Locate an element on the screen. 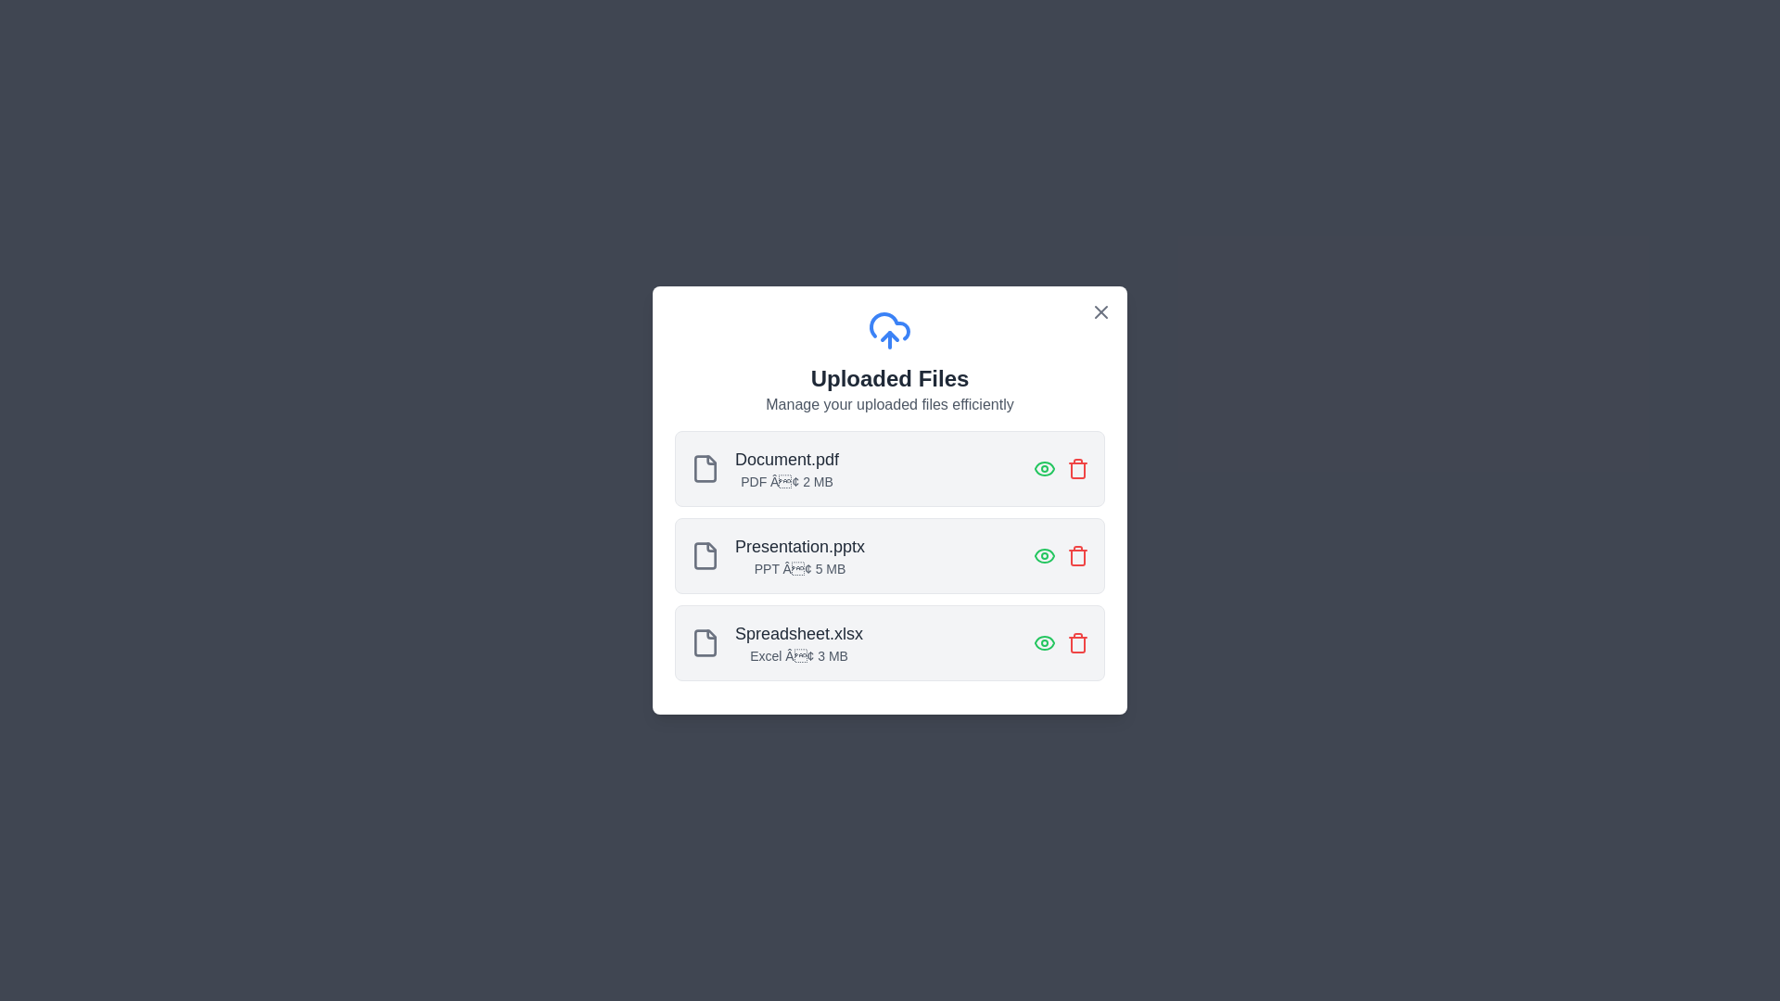  the file icon for 'Spreadsheet.xlsx', which is a light gray document icon located is located at coordinates (705, 642).